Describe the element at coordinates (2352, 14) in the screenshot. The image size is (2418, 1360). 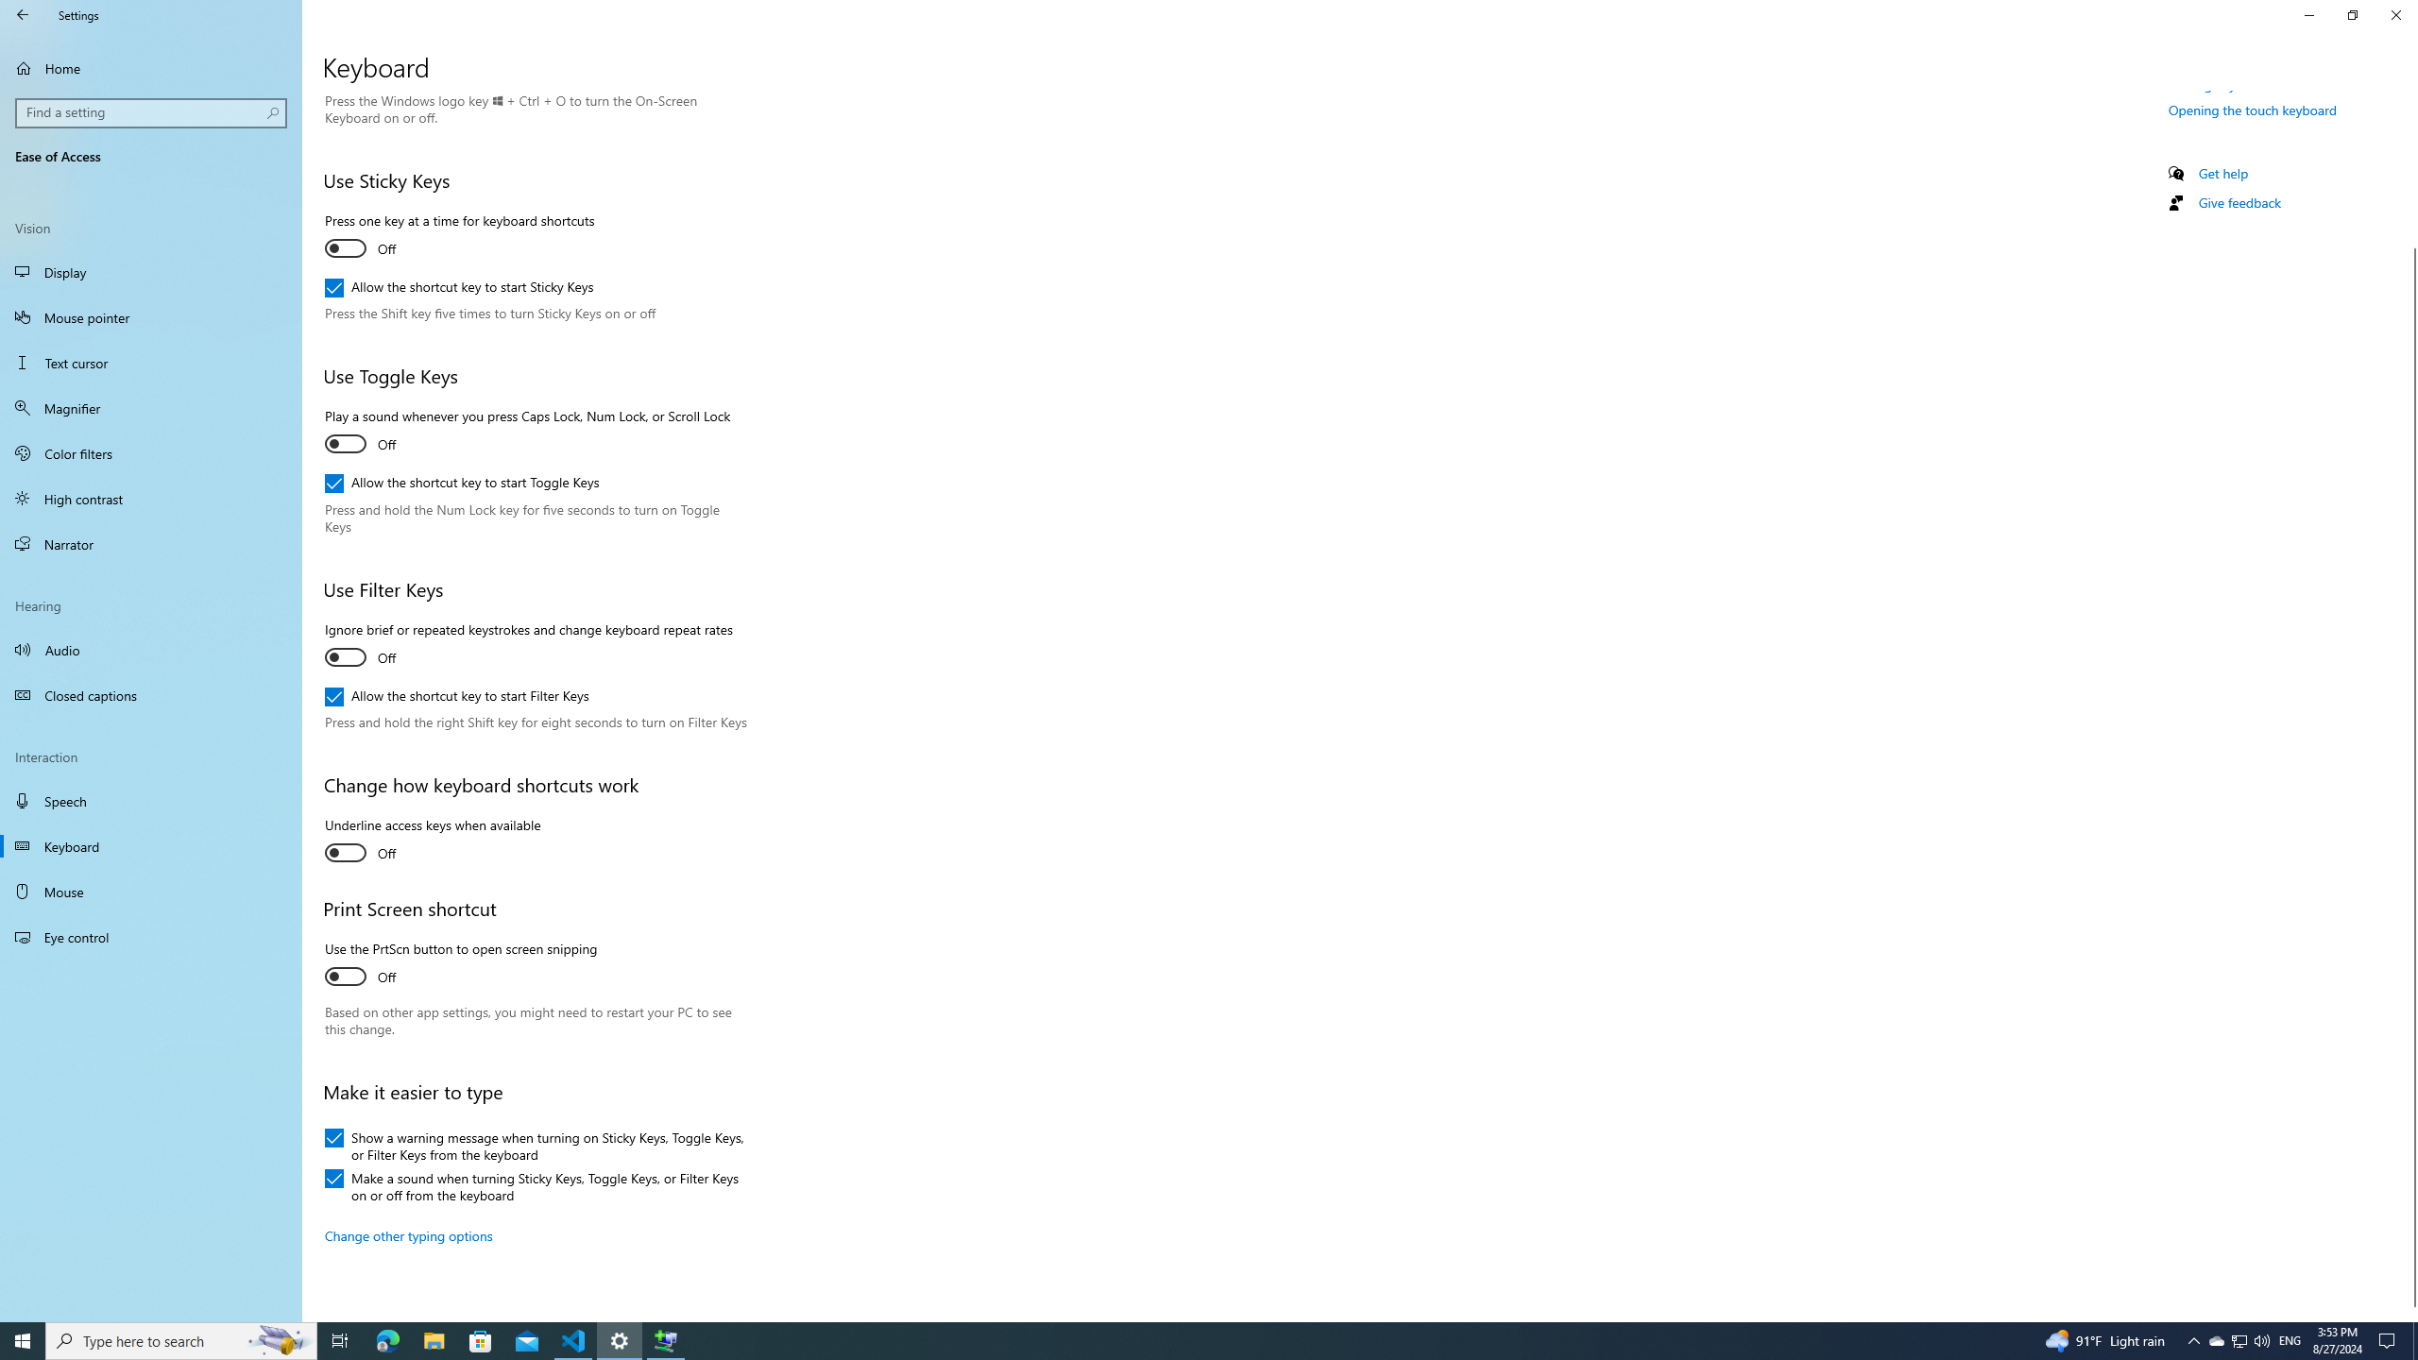
I see `'Restore Settings'` at that location.